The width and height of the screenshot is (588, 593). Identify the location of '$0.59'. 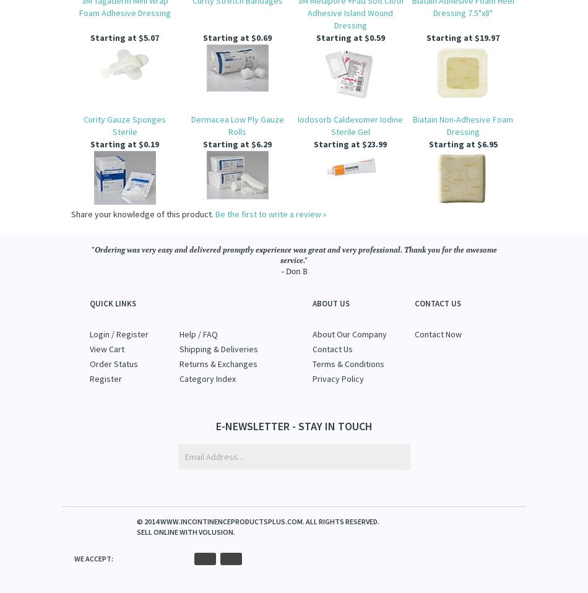
(373, 37).